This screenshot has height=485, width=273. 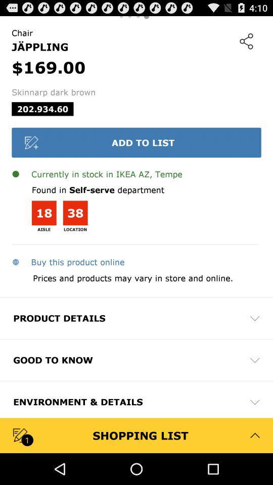 I want to click on the dropdown option  right to good to know, so click(x=254, y=360).